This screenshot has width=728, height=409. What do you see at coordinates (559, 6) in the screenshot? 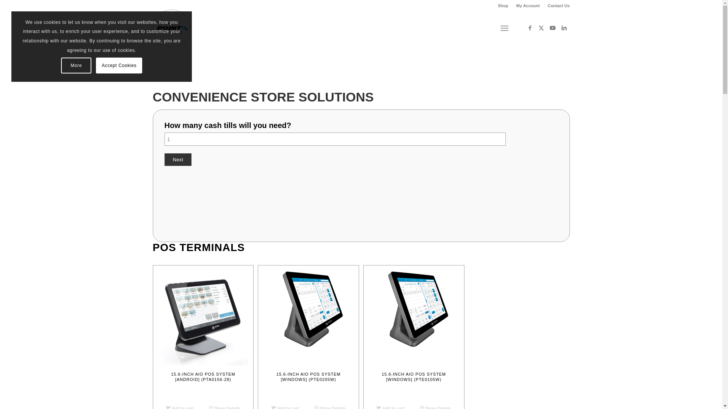
I see `'Contact Us'` at bounding box center [559, 6].